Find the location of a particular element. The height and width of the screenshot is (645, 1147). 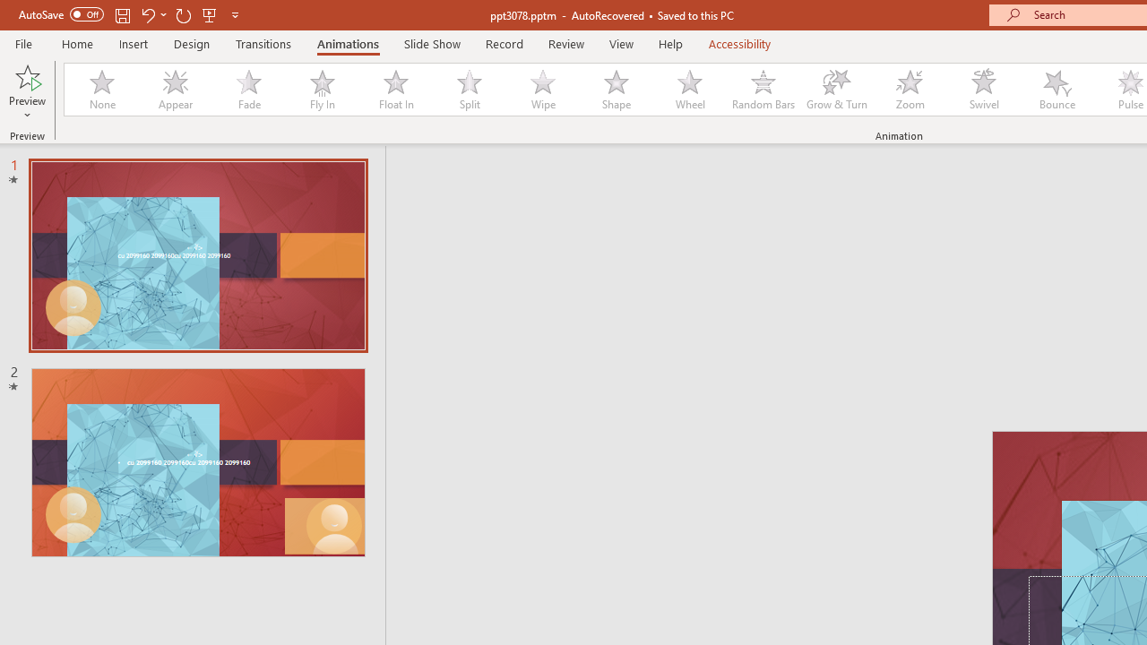

'Grow & Turn' is located at coordinates (836, 90).